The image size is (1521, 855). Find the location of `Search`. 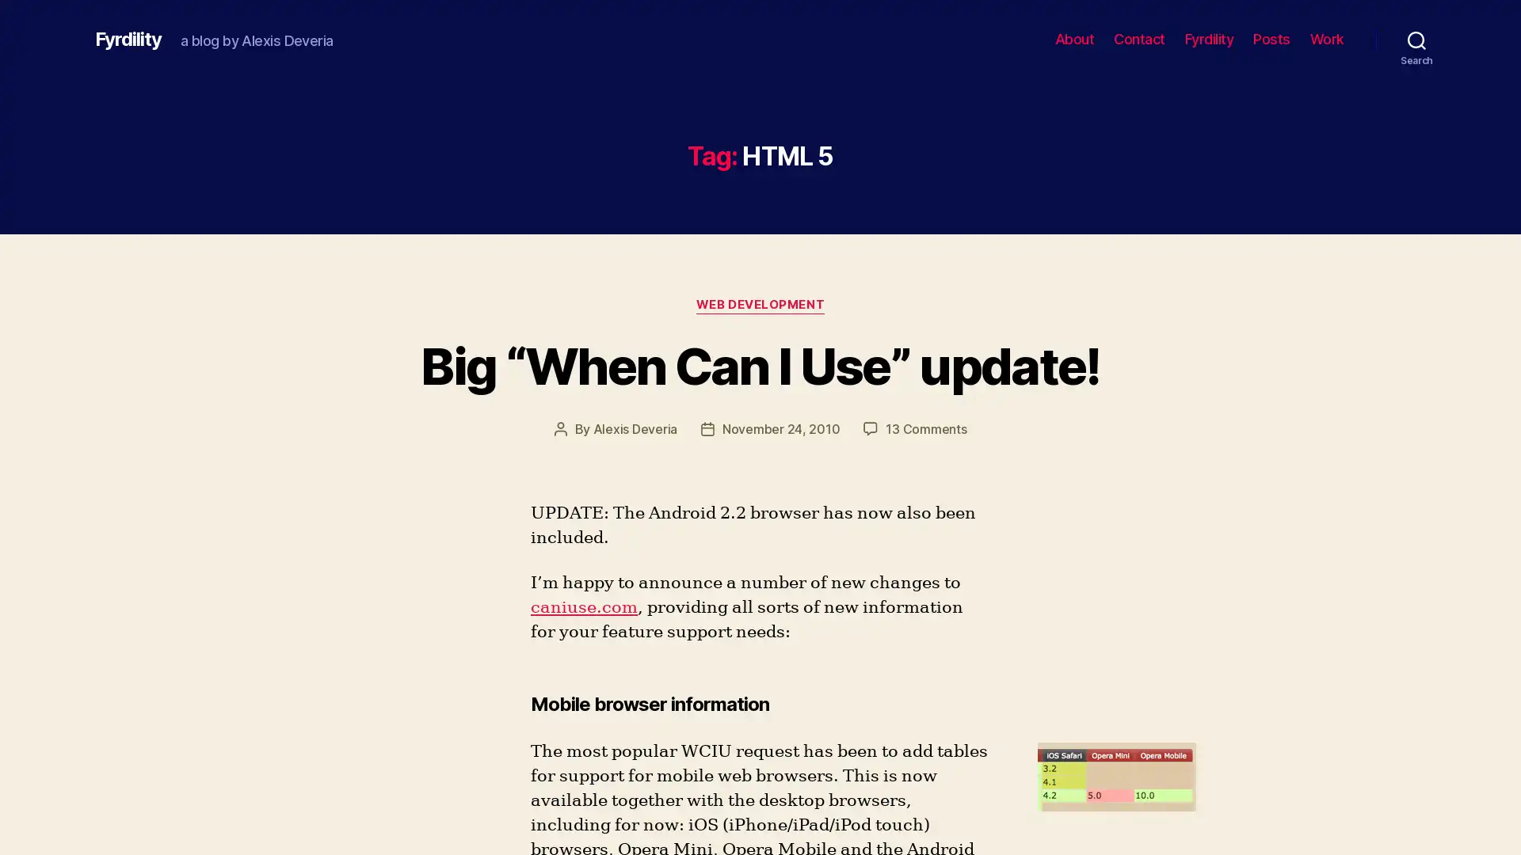

Search is located at coordinates (1416, 39).